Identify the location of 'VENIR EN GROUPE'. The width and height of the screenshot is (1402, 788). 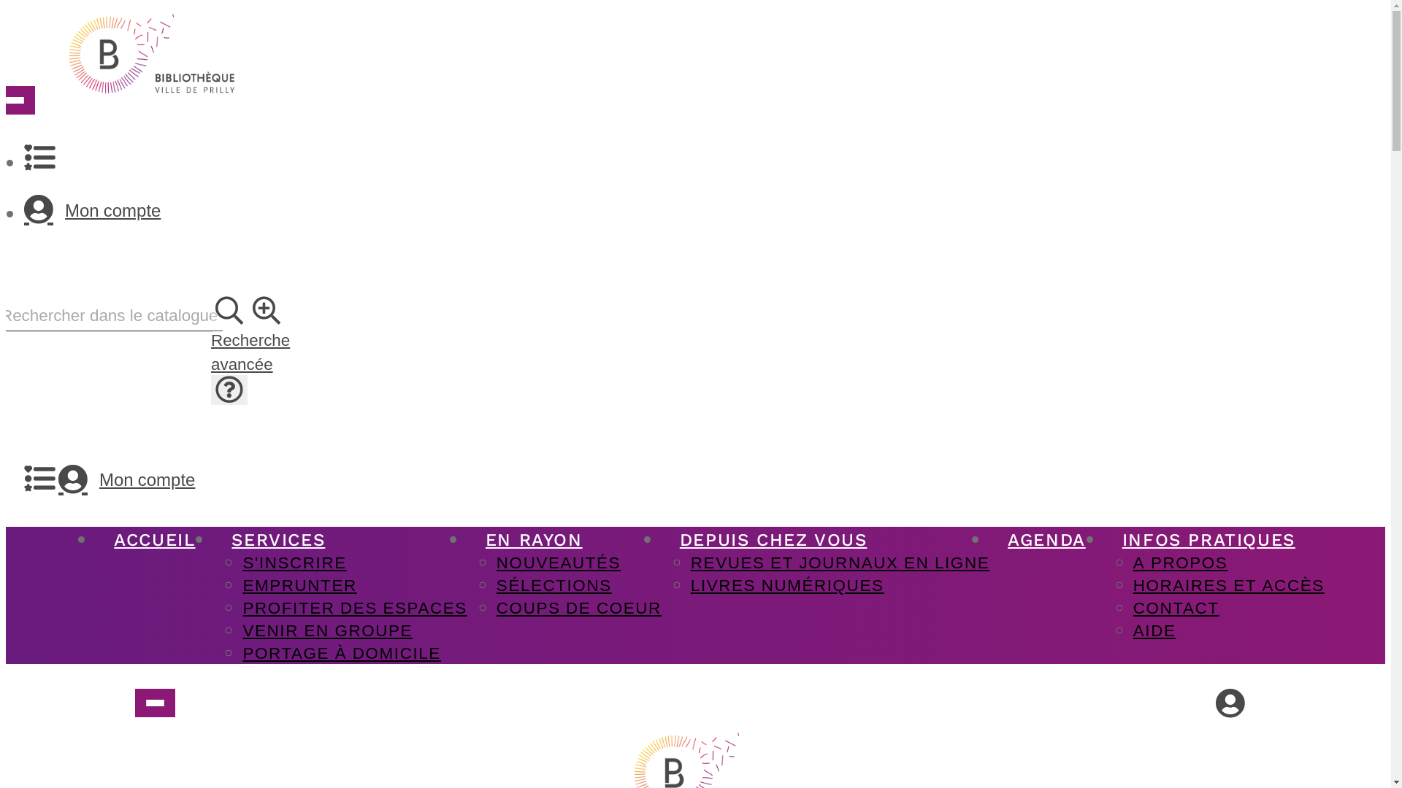
(326, 629).